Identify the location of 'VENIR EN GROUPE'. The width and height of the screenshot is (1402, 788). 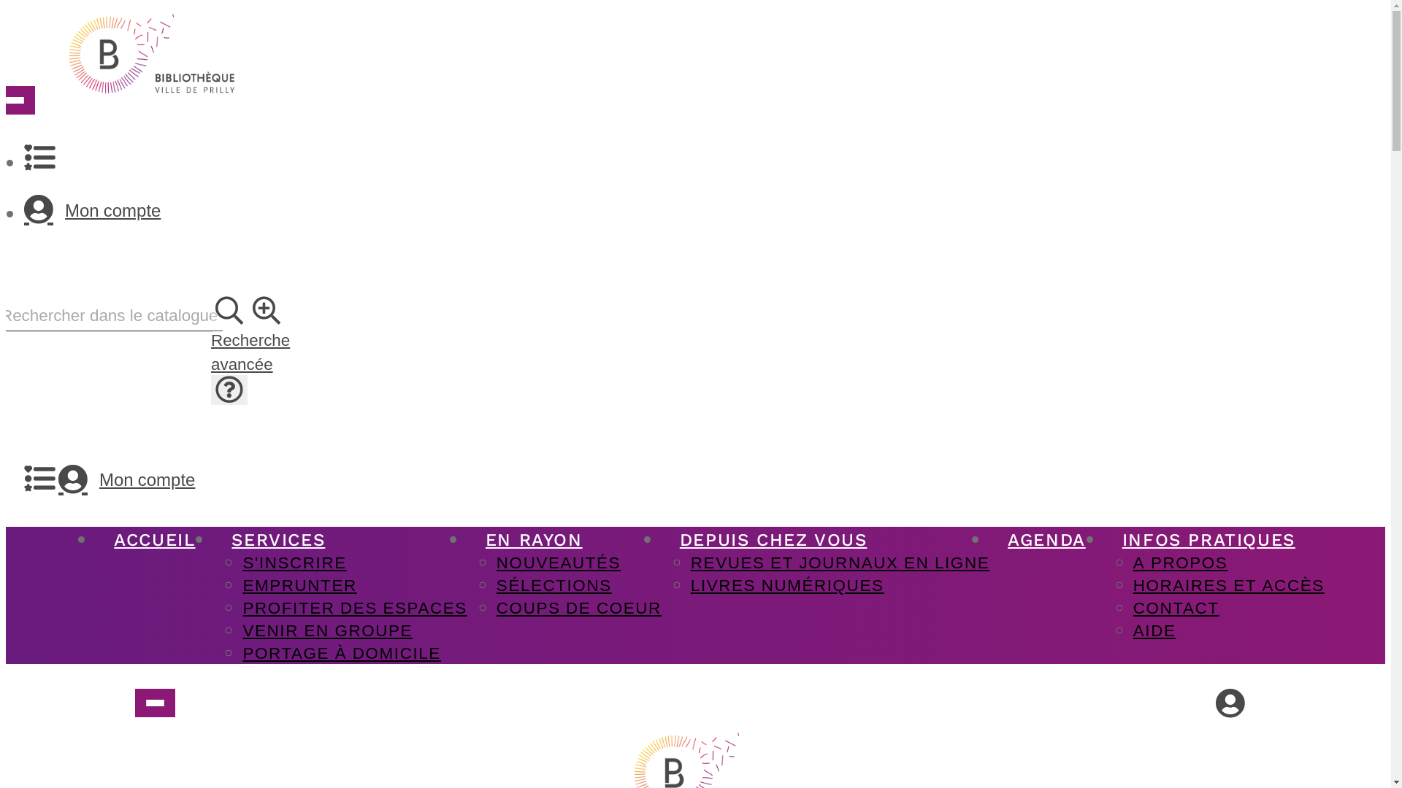
(326, 629).